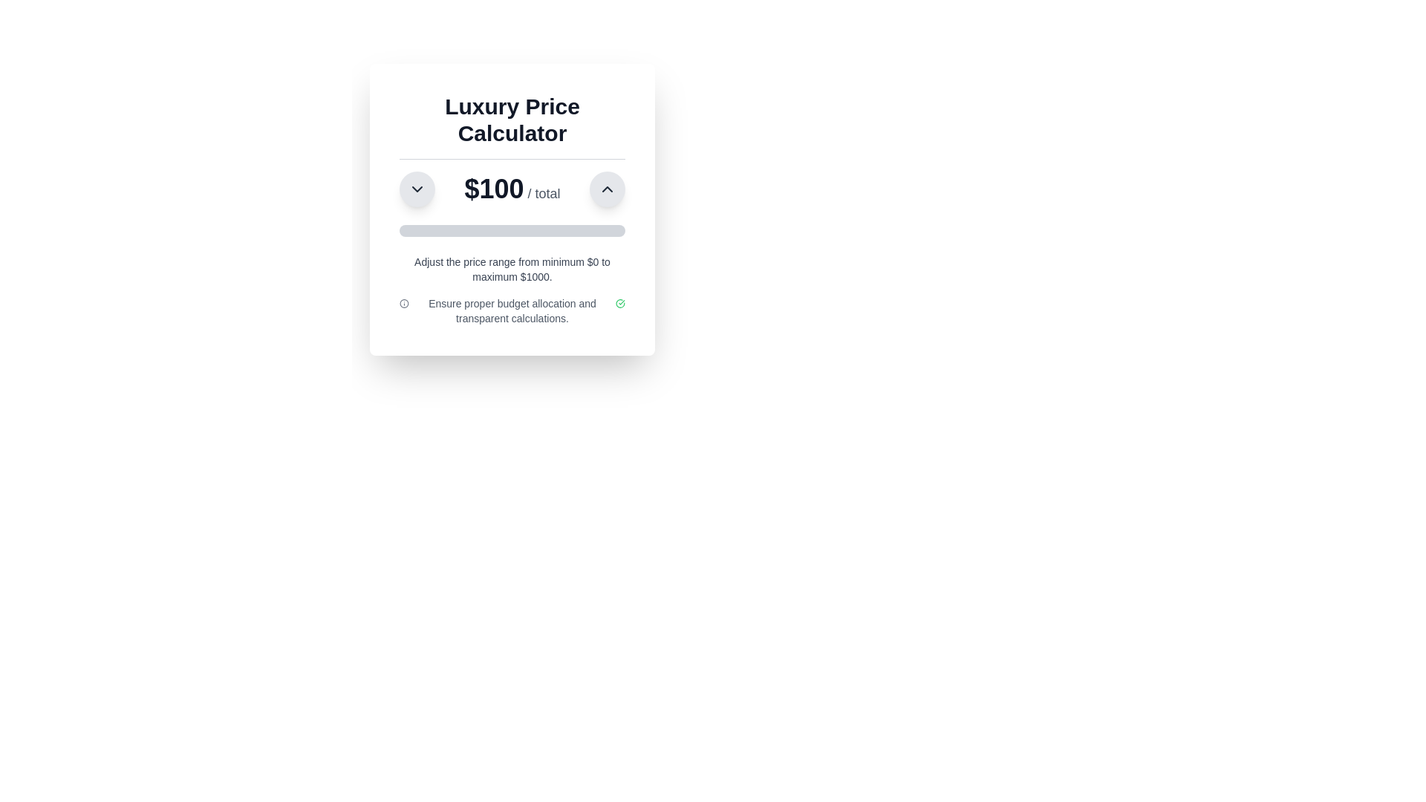 The width and height of the screenshot is (1426, 802). I want to click on the static text element that provides descriptive information related to budget allocation and transparency, positioned between an info icon and a green check mark icon, so click(512, 310).